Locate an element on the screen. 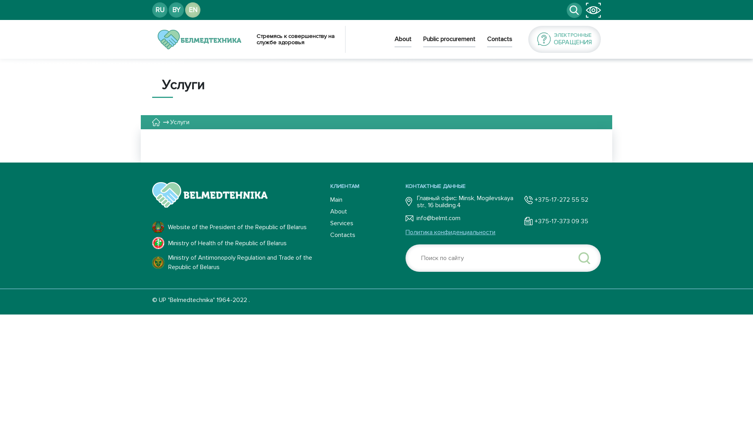  'Website of the President of the Republic of Belarus' is located at coordinates (240, 227).